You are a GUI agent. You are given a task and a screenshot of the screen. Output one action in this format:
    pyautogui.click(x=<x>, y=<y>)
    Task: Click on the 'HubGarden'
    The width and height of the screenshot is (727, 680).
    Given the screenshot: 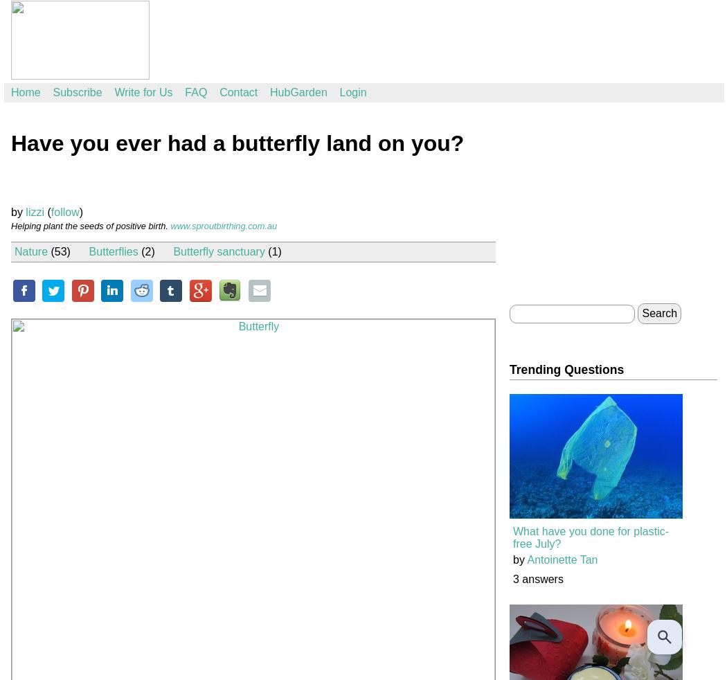 What is the action you would take?
    pyautogui.click(x=298, y=91)
    